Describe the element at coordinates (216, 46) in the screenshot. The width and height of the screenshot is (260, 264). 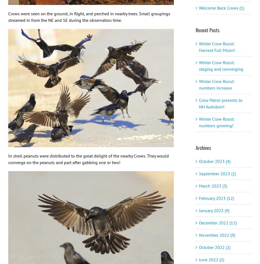
I see `'Winter Crow Roost: Harvest Full Moon!'` at that location.